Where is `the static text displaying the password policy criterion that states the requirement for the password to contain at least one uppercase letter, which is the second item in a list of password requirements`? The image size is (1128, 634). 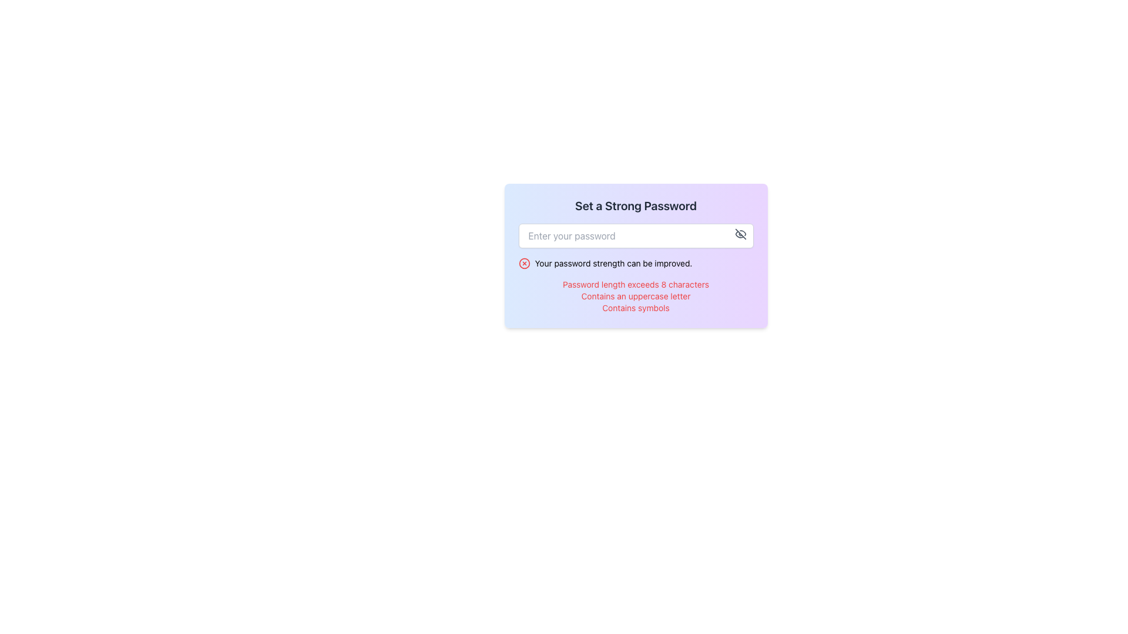 the static text displaying the password policy criterion that states the requirement for the password to contain at least one uppercase letter, which is the second item in a list of password requirements is located at coordinates (635, 296).